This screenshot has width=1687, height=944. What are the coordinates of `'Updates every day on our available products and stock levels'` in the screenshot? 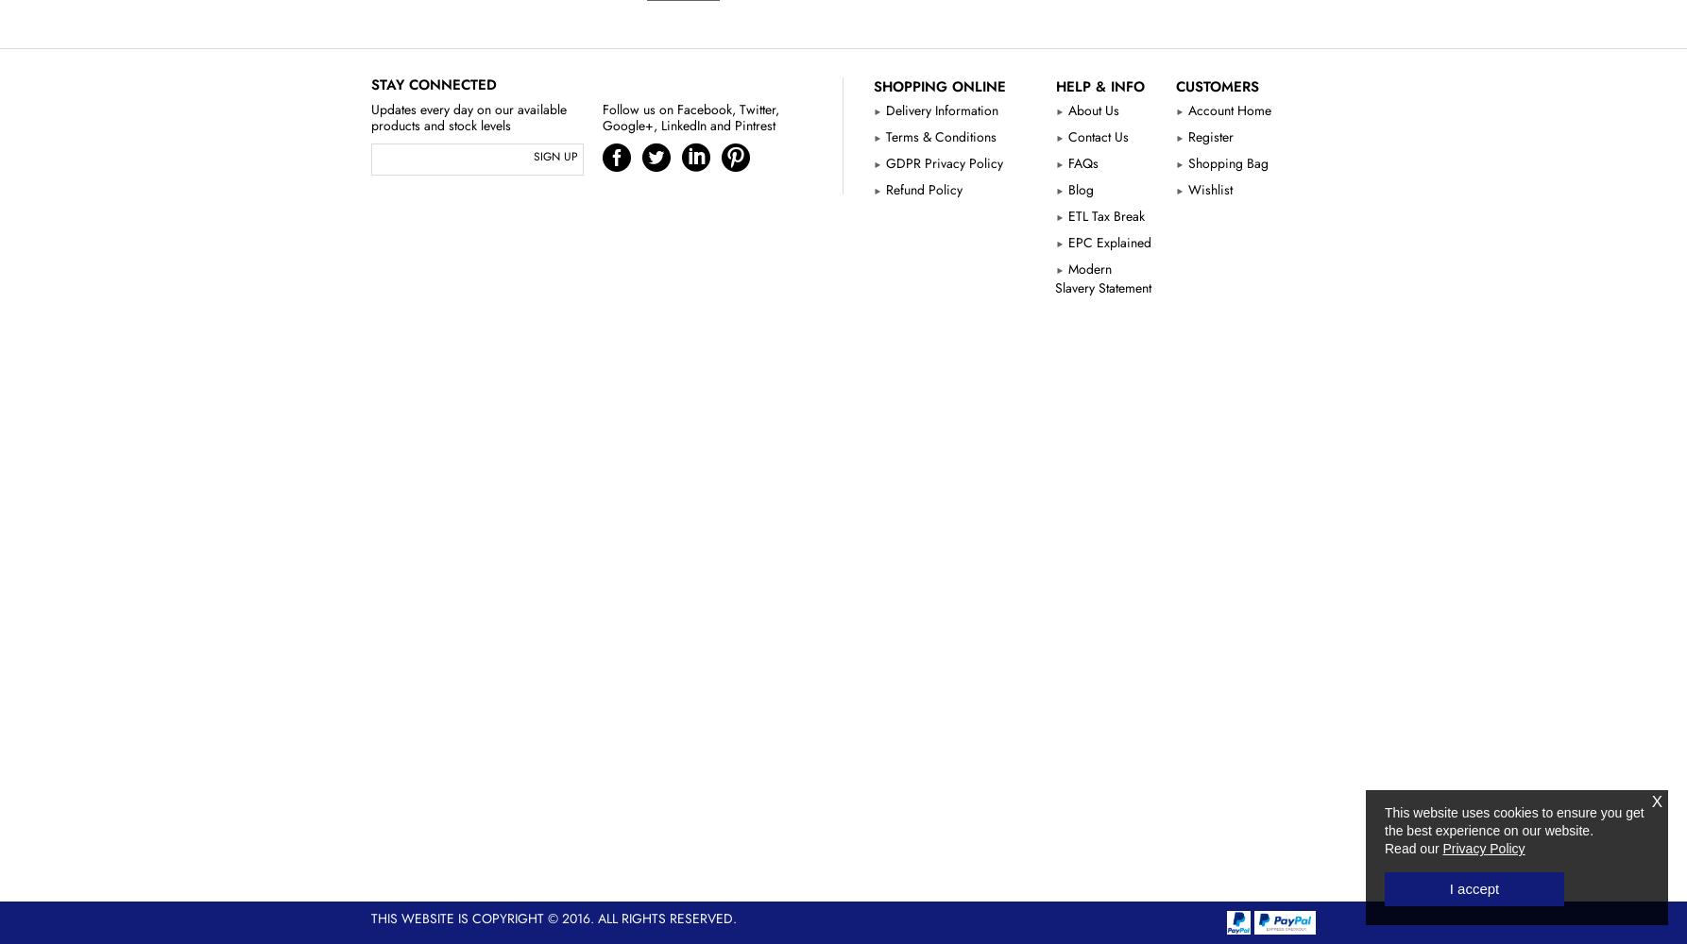 It's located at (468, 116).